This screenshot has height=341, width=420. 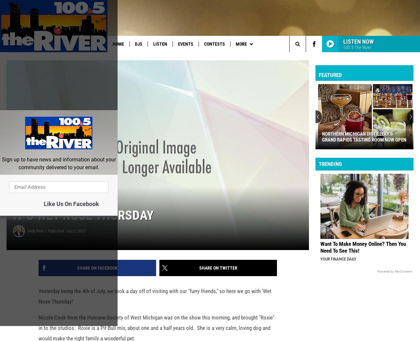 I want to click on 'Home', so click(x=112, y=44).